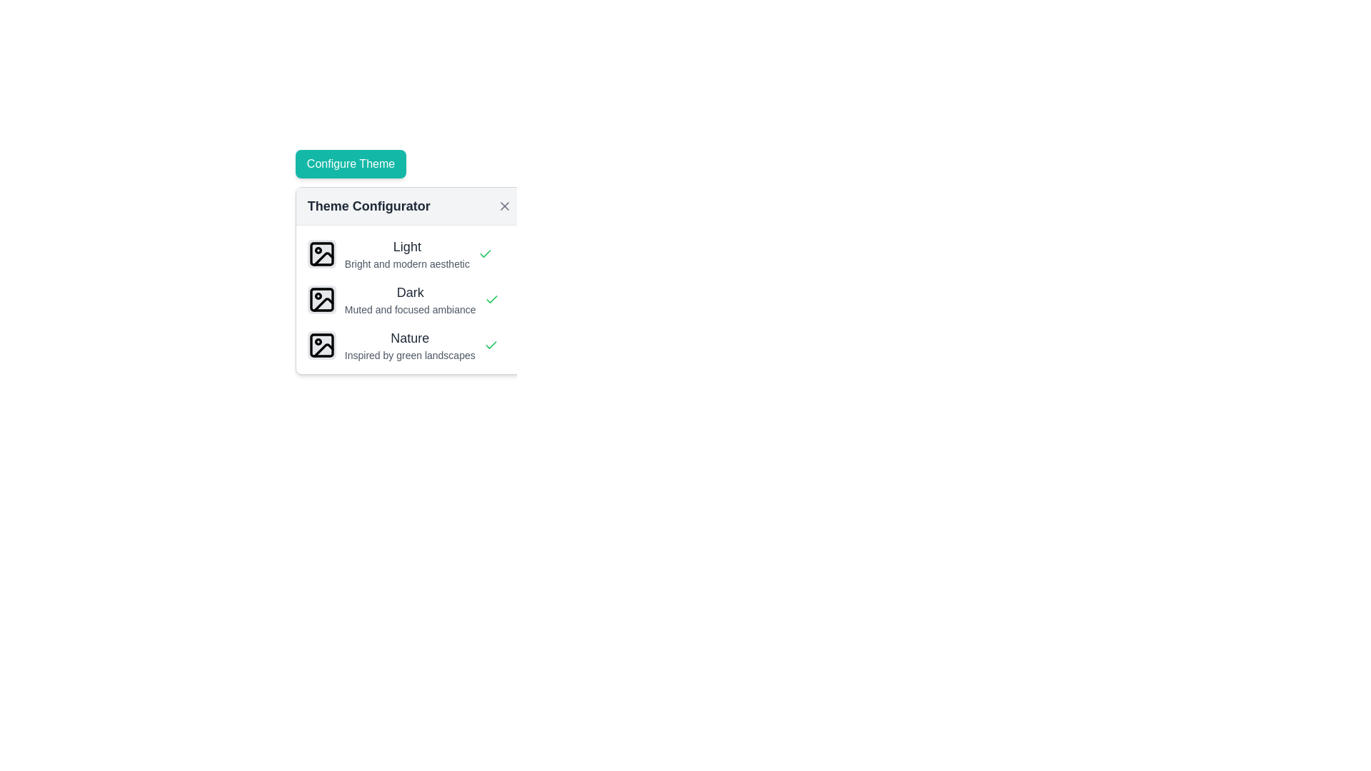  Describe the element at coordinates (409, 309) in the screenshot. I see `the descriptive text element located directly underneath the 'Dark' theme label in the 'Theme Configurator' settings panel` at that location.